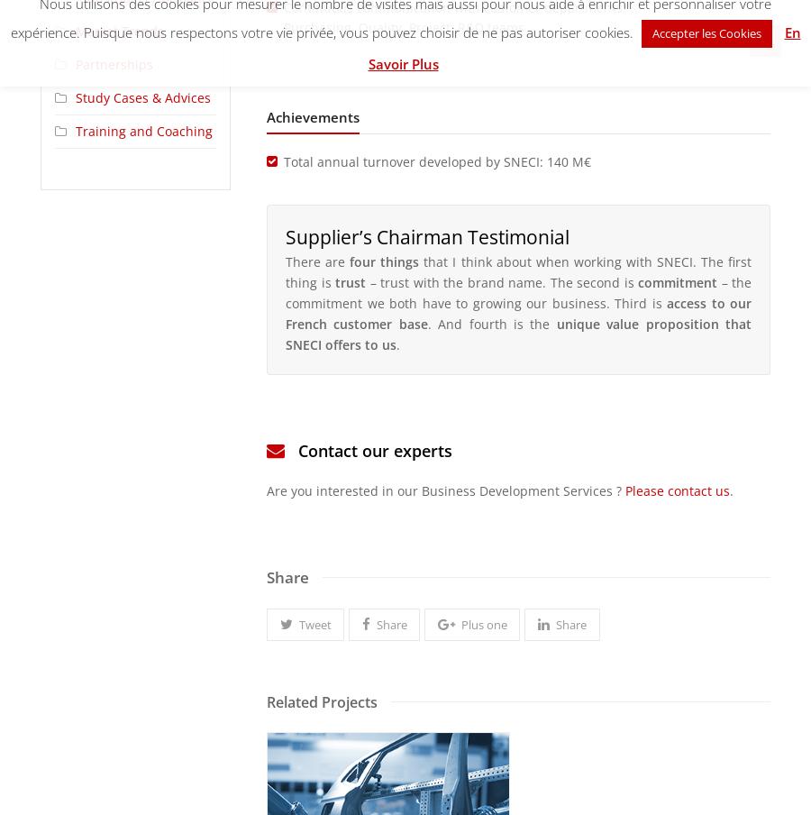  Describe the element at coordinates (677, 490) in the screenshot. I see `'Please contact us'` at that location.